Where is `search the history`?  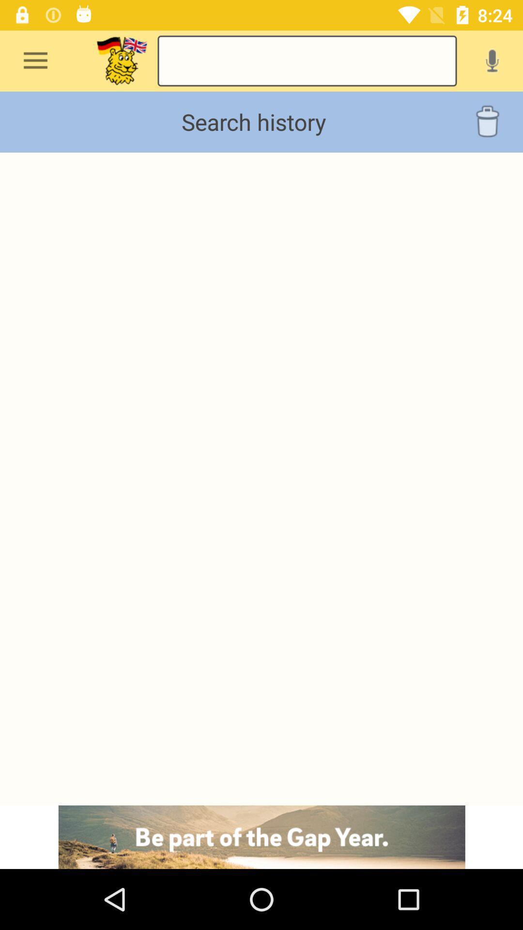 search the history is located at coordinates (307, 60).